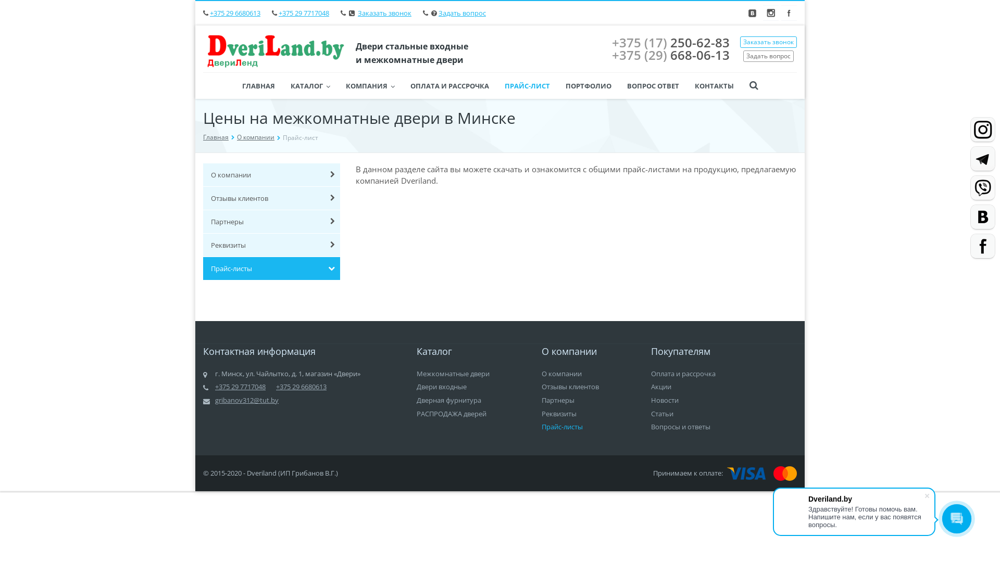  What do you see at coordinates (214, 399) in the screenshot?
I see `'gribanov312@tut.by'` at bounding box center [214, 399].